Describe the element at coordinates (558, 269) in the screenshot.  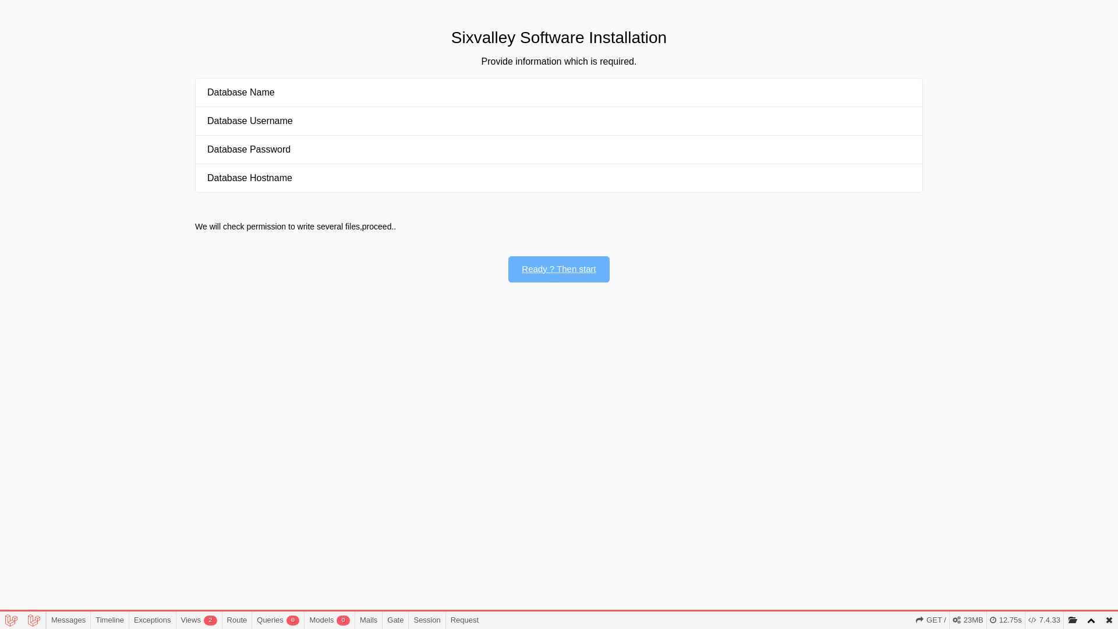
I see `'Ready ? Then start'` at that location.